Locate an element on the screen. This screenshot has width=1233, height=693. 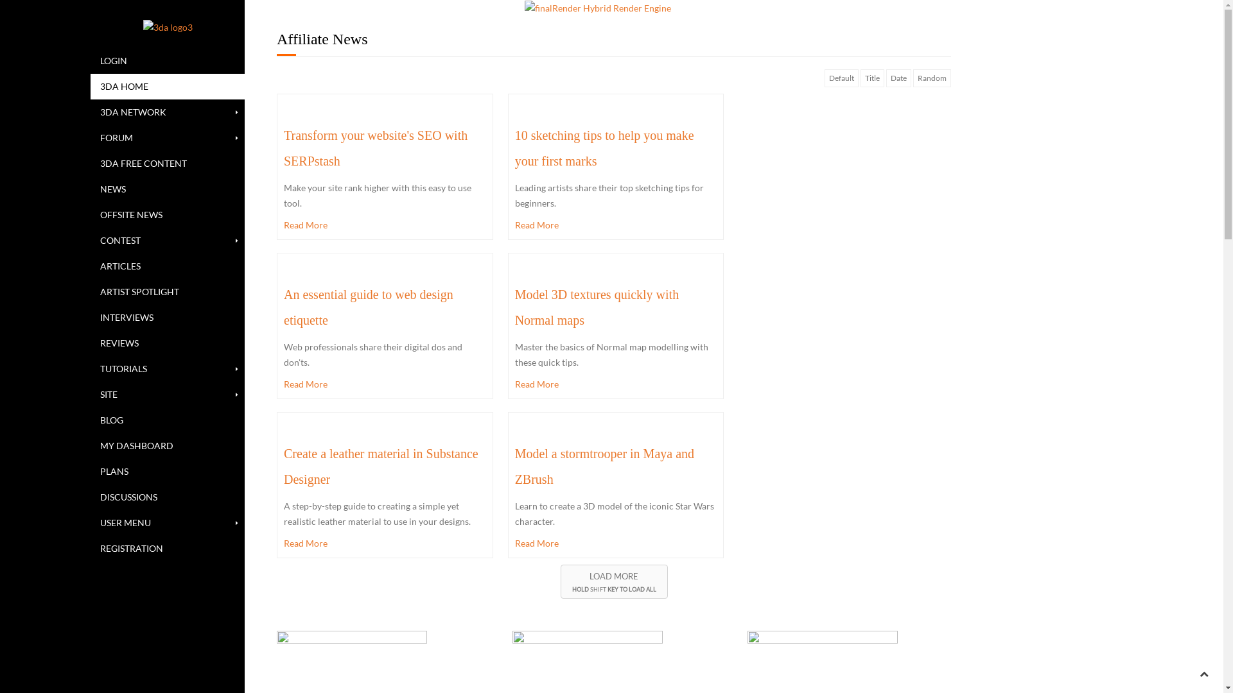
'3DA HOME' is located at coordinates (166, 87).